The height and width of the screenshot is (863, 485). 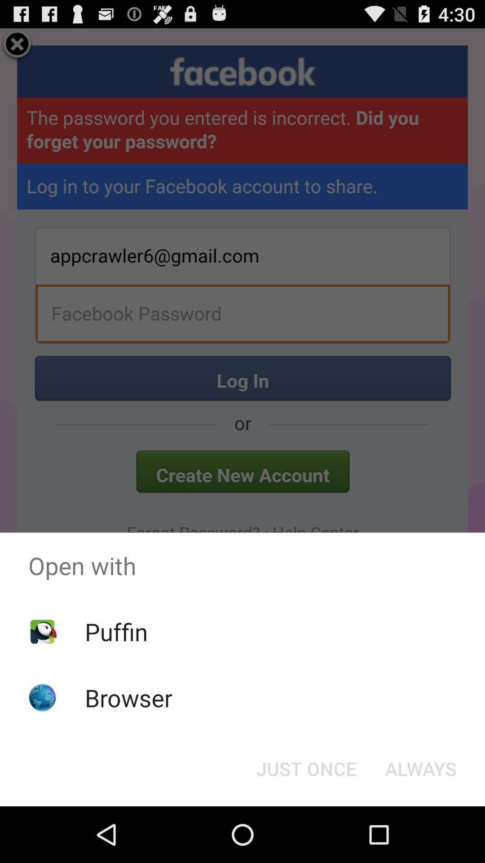 I want to click on the icon below open with icon, so click(x=116, y=631).